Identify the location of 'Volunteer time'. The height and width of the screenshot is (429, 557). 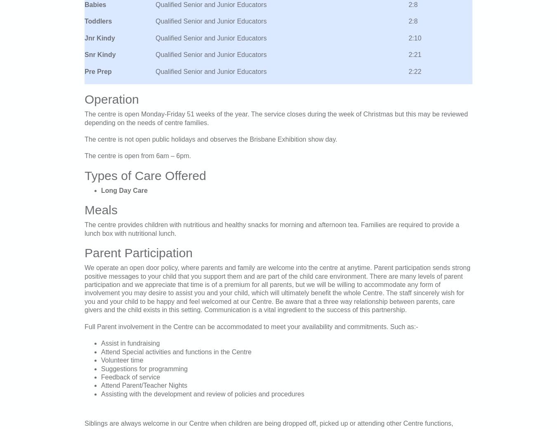
(122, 360).